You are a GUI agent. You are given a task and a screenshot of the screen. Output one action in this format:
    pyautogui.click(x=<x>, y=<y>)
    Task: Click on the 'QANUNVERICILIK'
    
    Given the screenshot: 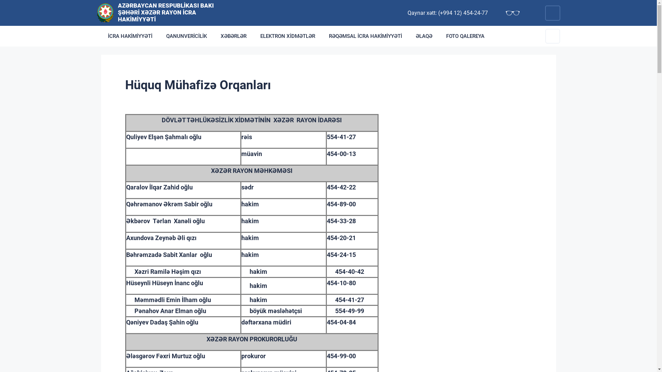 What is the action you would take?
    pyautogui.click(x=187, y=36)
    